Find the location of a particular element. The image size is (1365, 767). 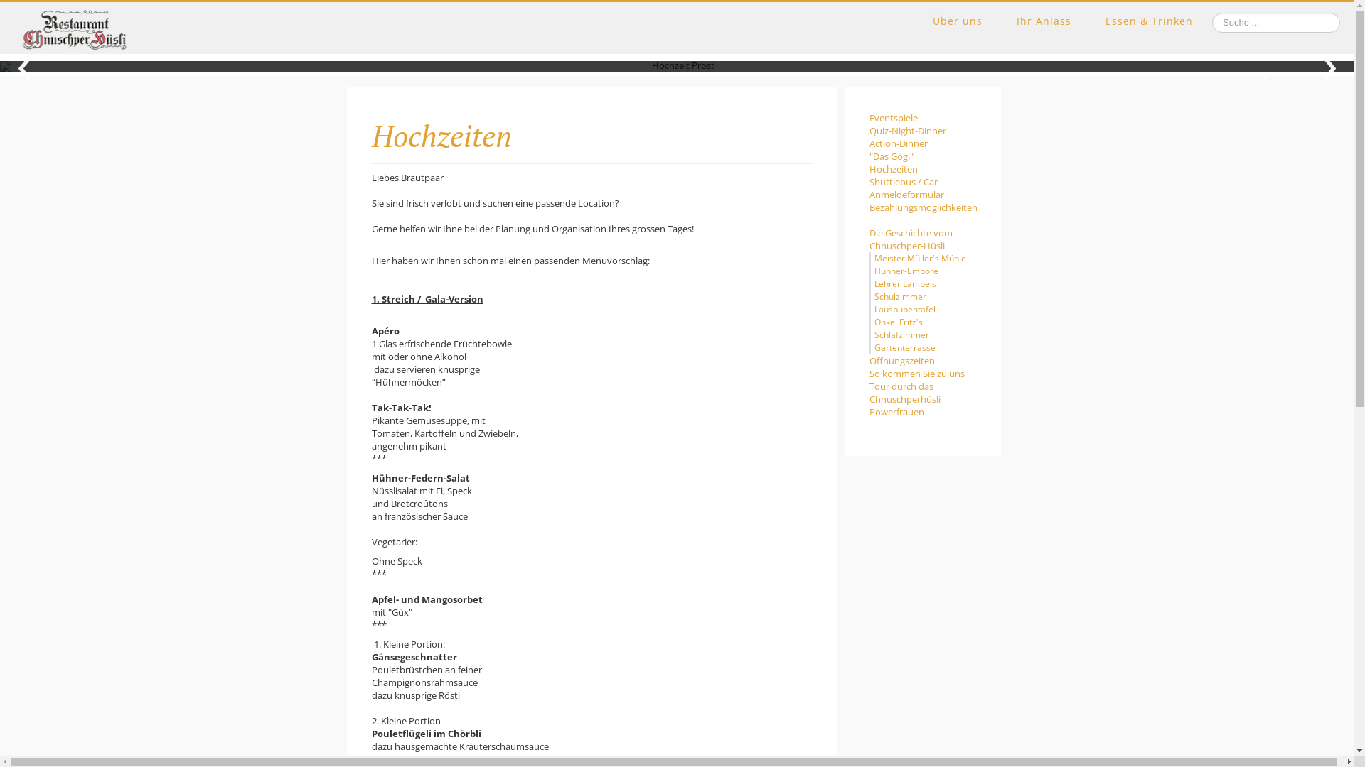

'Shuttlebus / Car' is located at coordinates (868, 180).